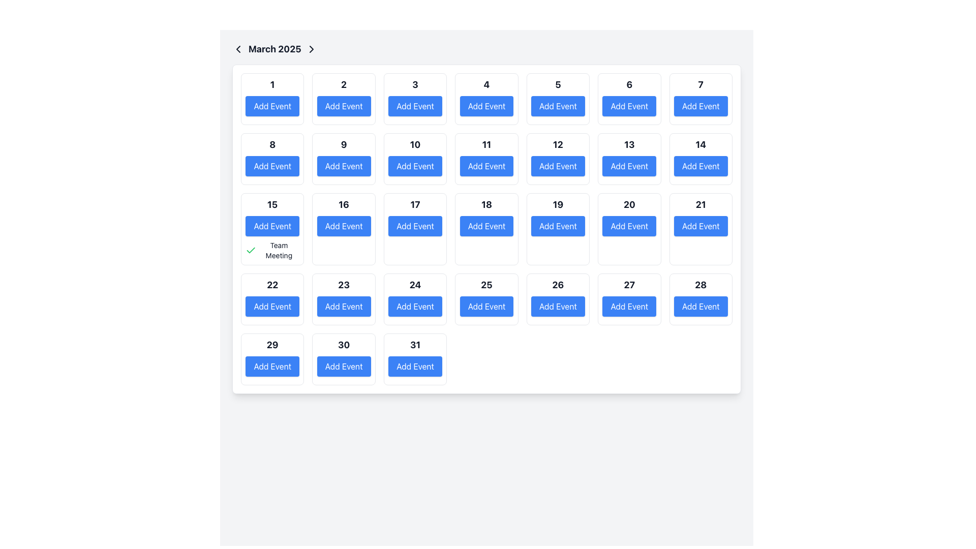 This screenshot has height=549, width=976. I want to click on the date label element indicating the day number in the calendar view for accessibility interactions, so click(272, 84).